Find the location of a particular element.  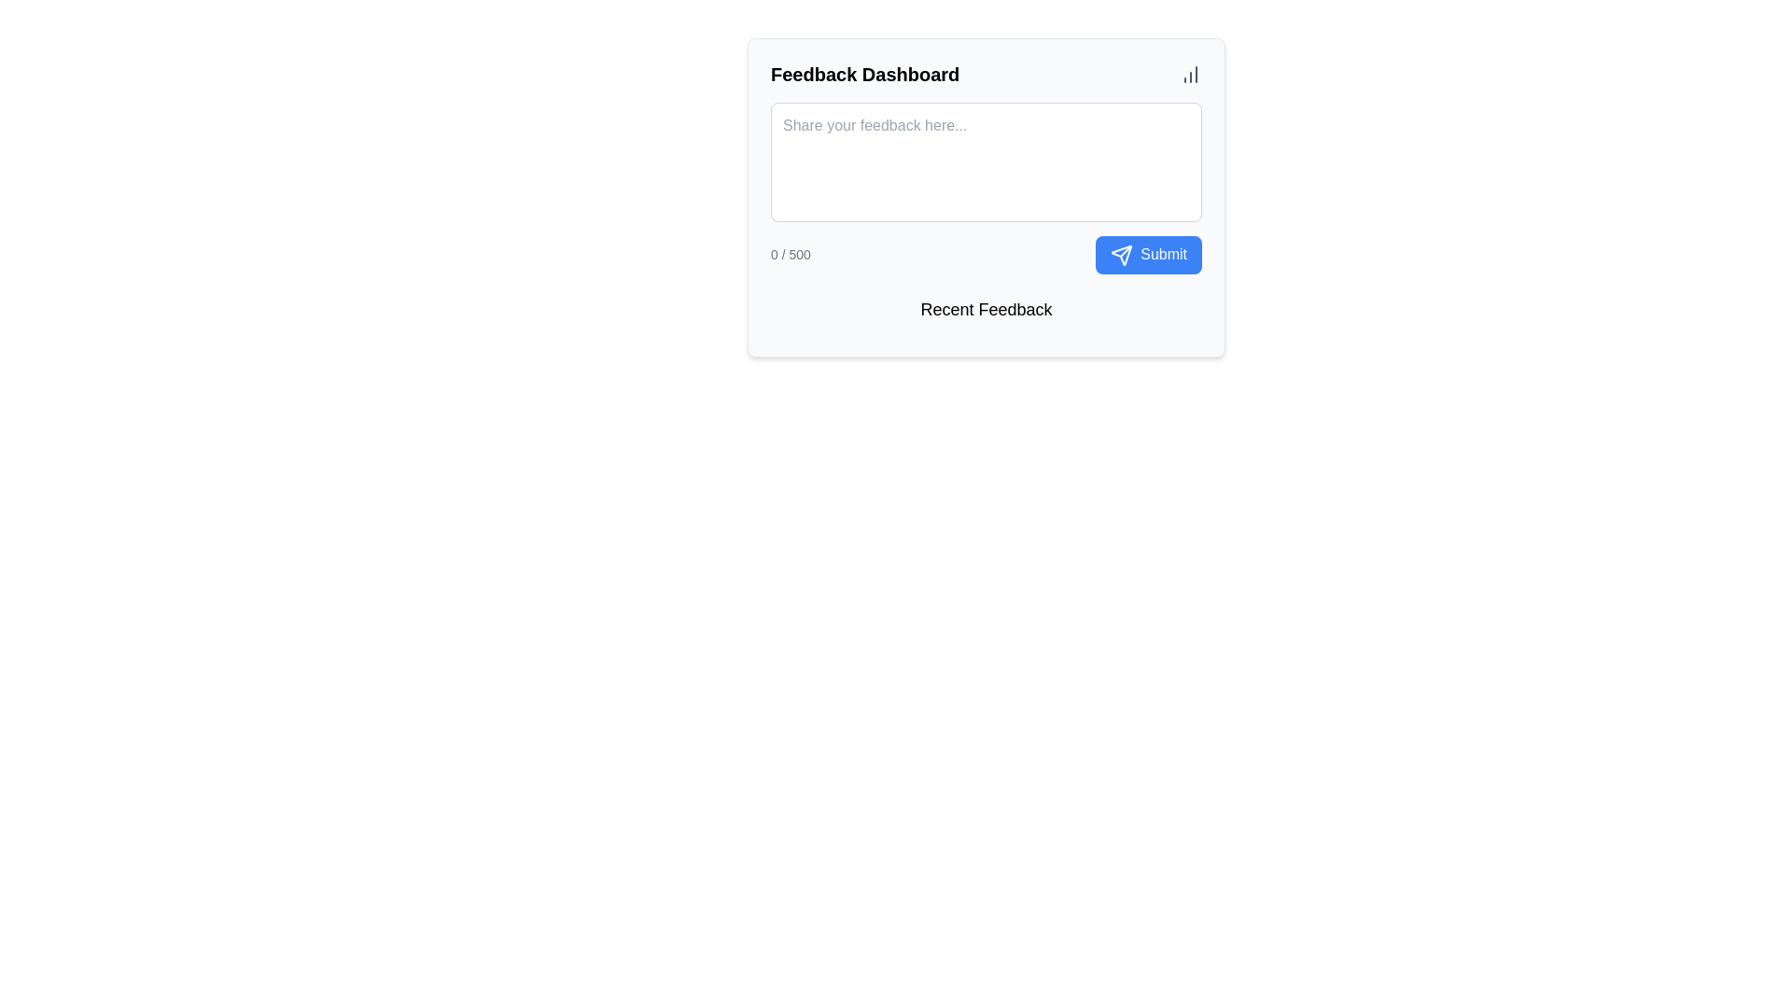

the blue rectangular 'Submit' button with rounded corners is located at coordinates (1148, 255).